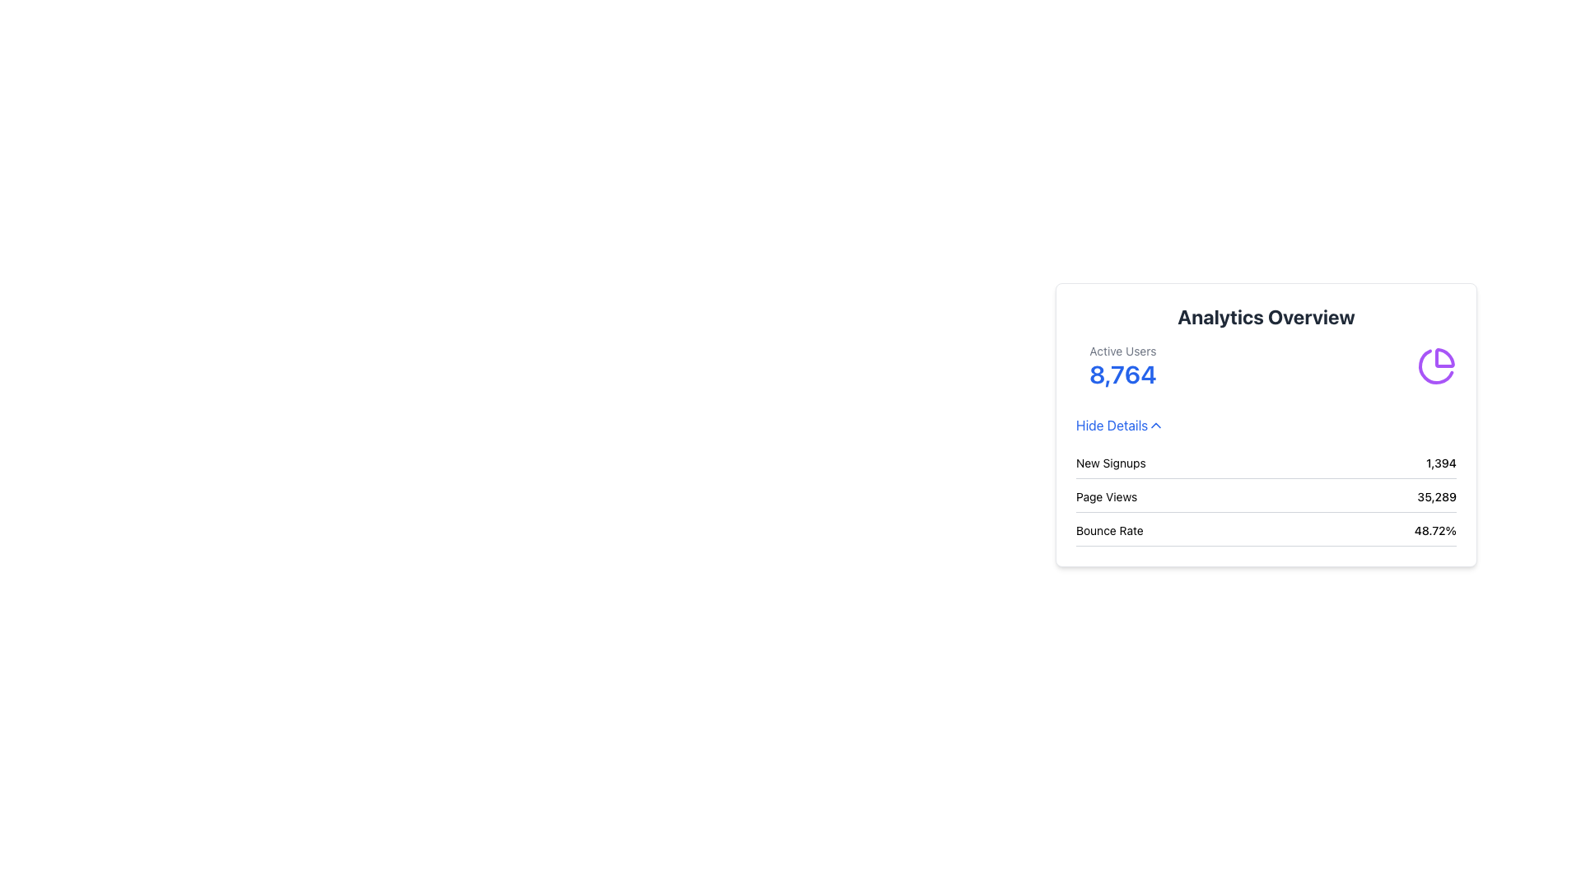 The image size is (1581, 889). Describe the element at coordinates (1155, 424) in the screenshot. I see `the disclosure icon for the 'Hide Details' link in the 'Analytics Overview' card to trigger additional visual feedback` at that location.